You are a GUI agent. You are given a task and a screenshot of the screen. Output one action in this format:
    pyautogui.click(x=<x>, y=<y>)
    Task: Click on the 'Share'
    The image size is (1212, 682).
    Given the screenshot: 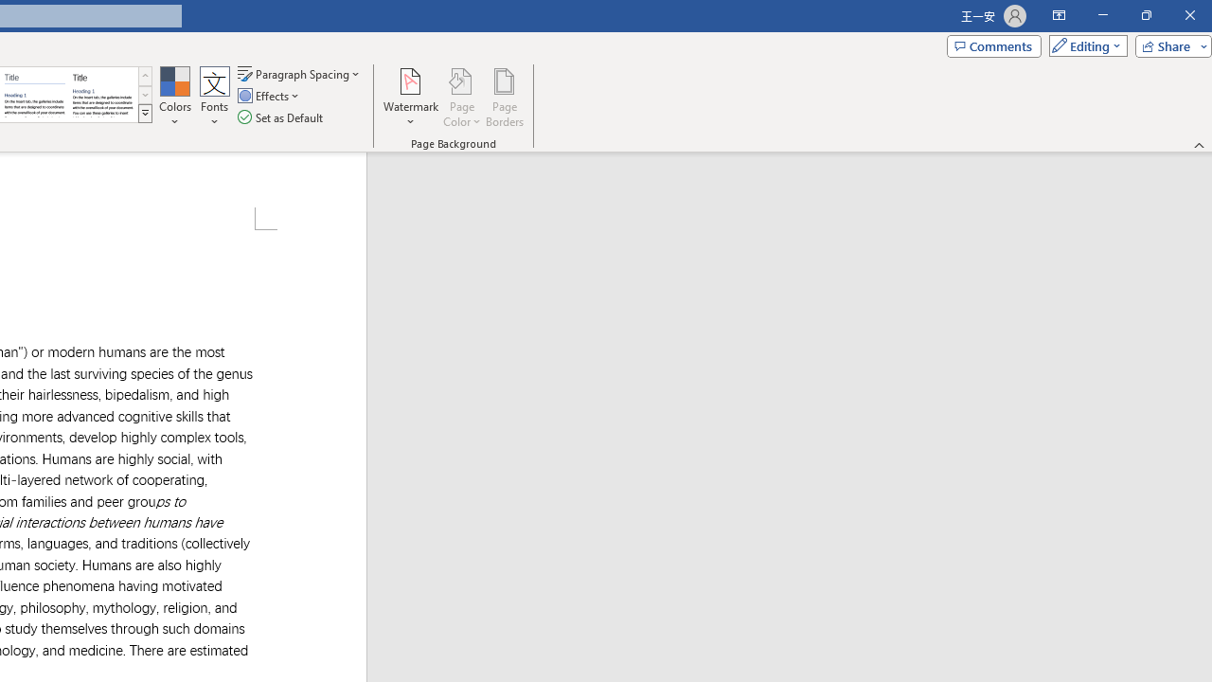 What is the action you would take?
    pyautogui.click(x=1168, y=45)
    